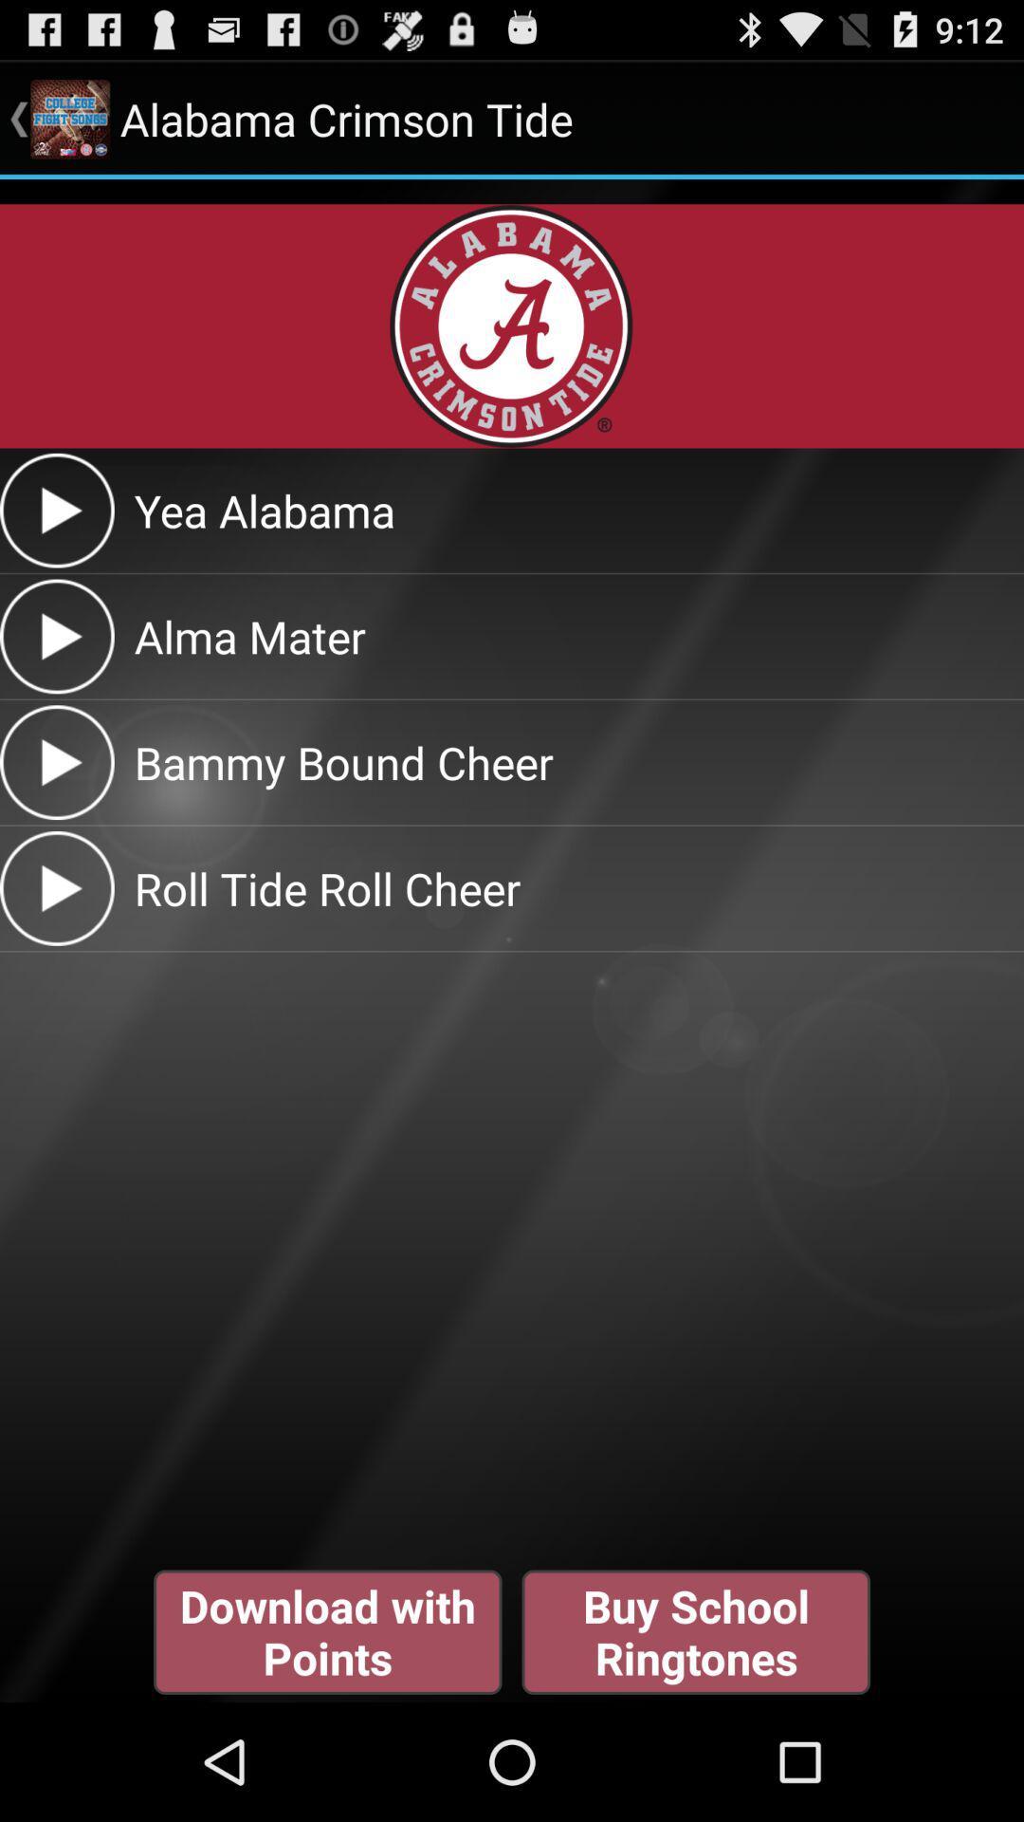 The height and width of the screenshot is (1822, 1024). I want to click on audio, so click(56, 636).